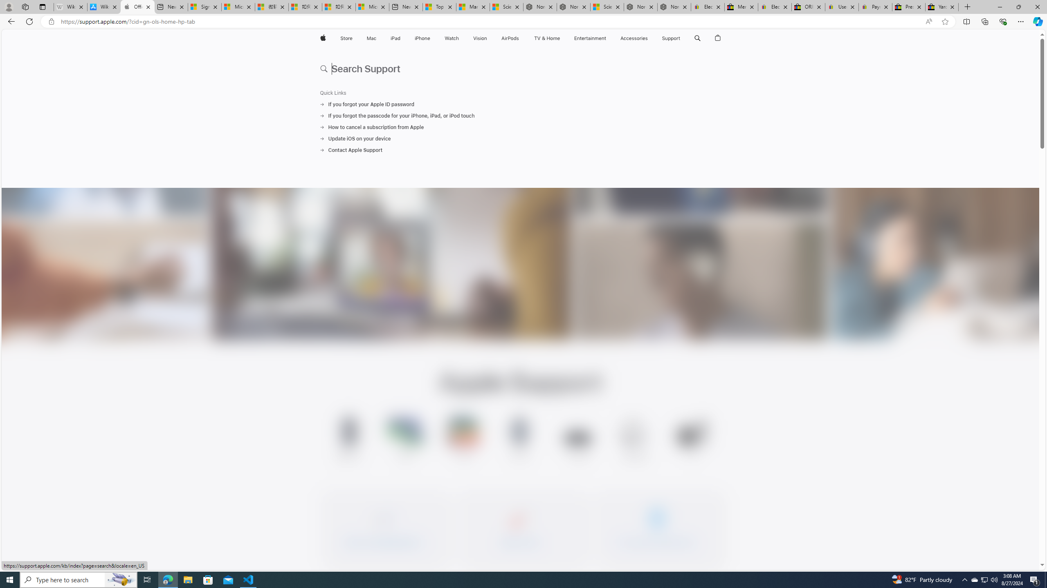  What do you see at coordinates (520, 138) in the screenshot?
I see `'Update iOS on your device'` at bounding box center [520, 138].